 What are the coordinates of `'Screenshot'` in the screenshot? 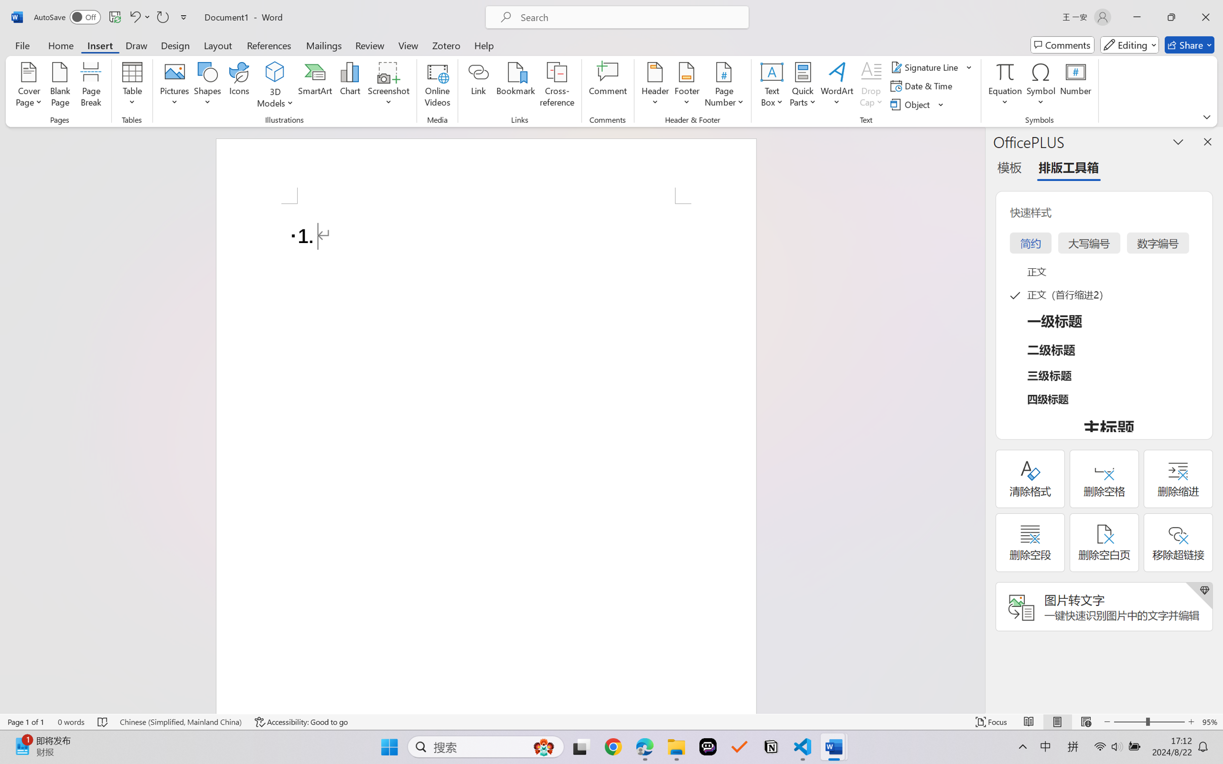 It's located at (389, 86).